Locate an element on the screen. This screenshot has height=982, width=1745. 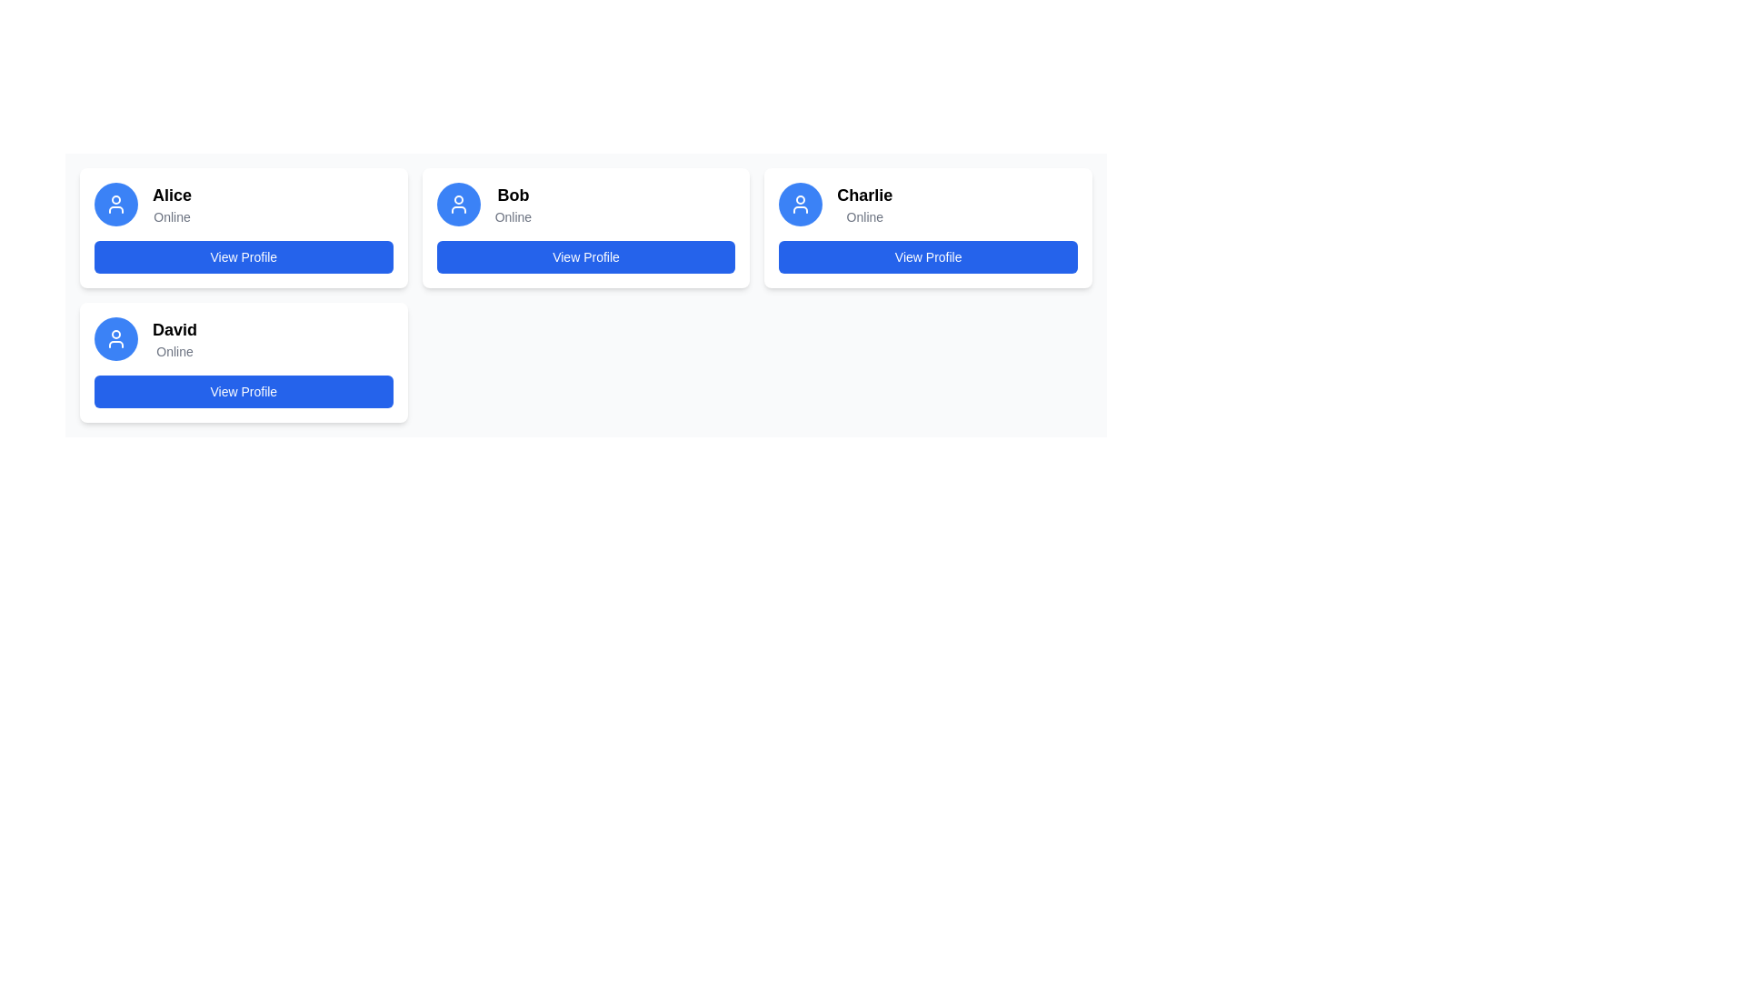
the circular blue button with a centered white user icon representing Charlie, which is the leftmost component in the card layout is located at coordinates (800, 204).